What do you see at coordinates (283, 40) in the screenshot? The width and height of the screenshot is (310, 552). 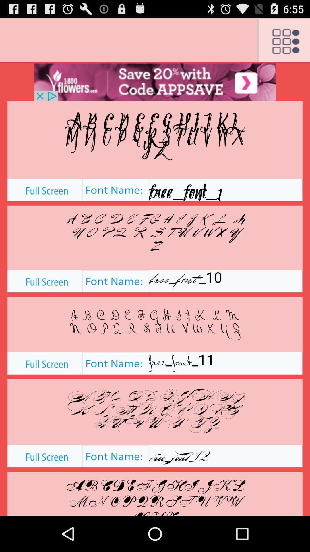 I see `menu` at bounding box center [283, 40].